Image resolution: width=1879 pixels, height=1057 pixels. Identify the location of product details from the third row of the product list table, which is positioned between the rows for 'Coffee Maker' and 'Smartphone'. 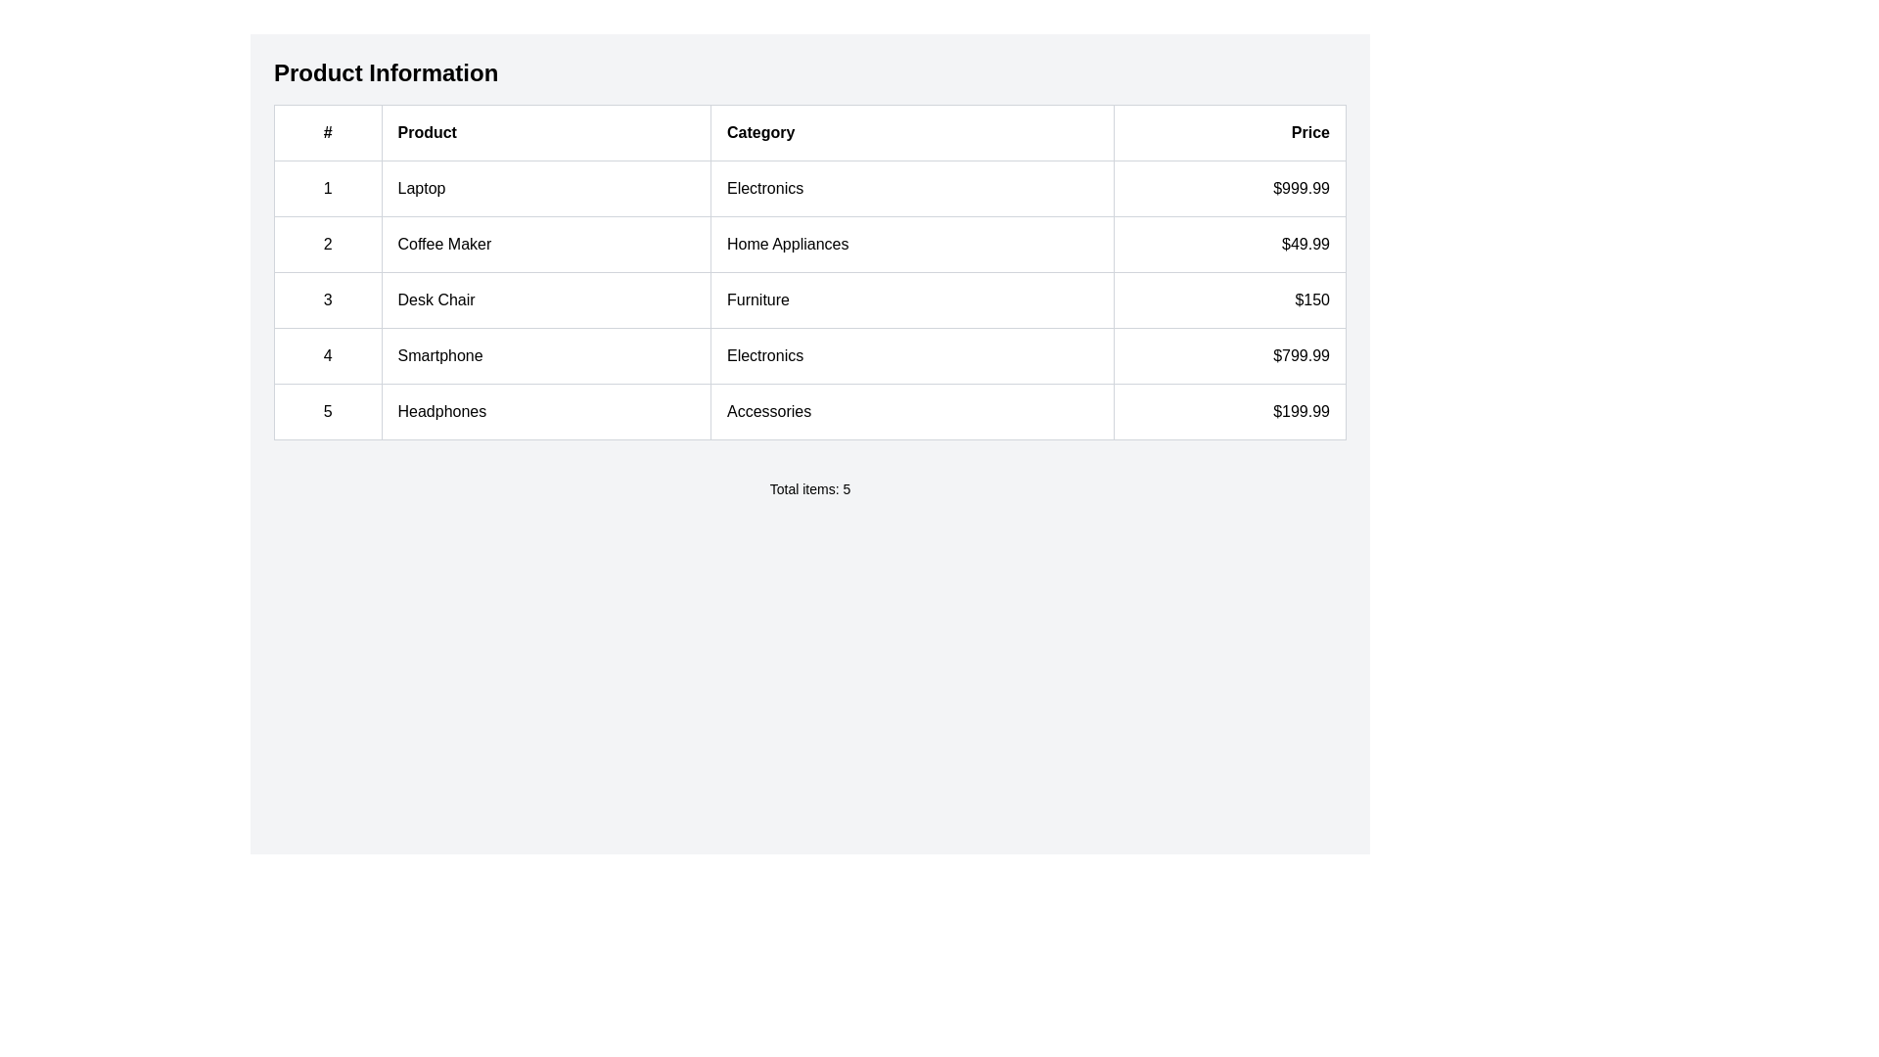
(810, 300).